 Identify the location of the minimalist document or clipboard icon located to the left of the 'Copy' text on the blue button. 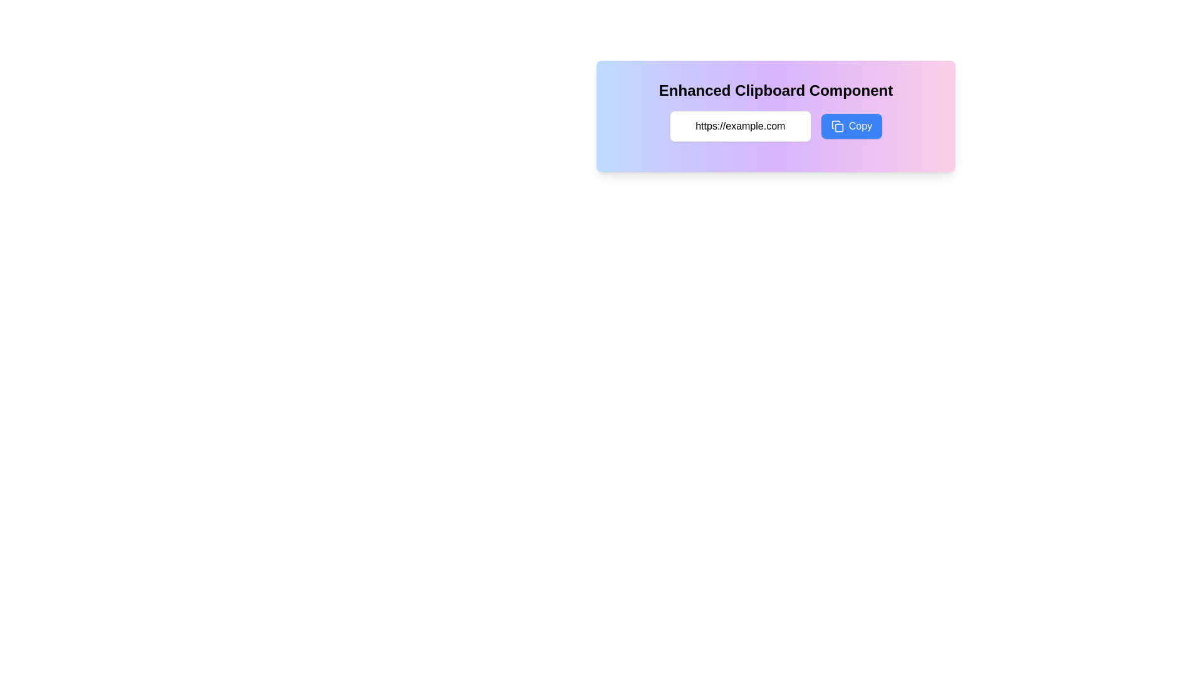
(837, 126).